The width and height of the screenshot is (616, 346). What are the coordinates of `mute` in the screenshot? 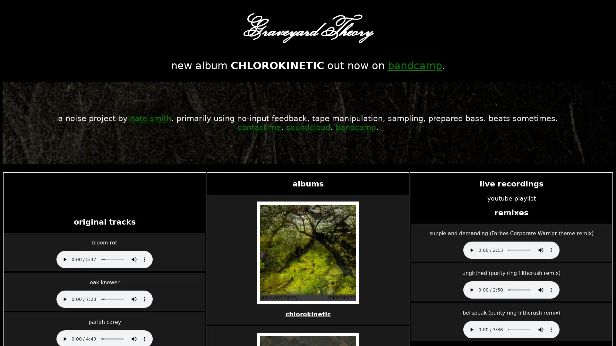 It's located at (540, 330).